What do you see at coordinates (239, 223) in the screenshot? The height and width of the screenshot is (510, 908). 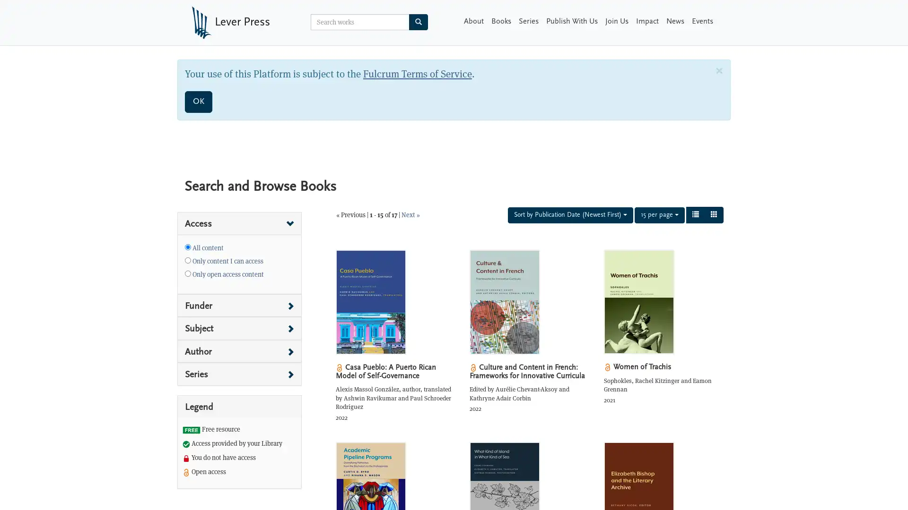 I see `Filter search results by Access` at bounding box center [239, 223].